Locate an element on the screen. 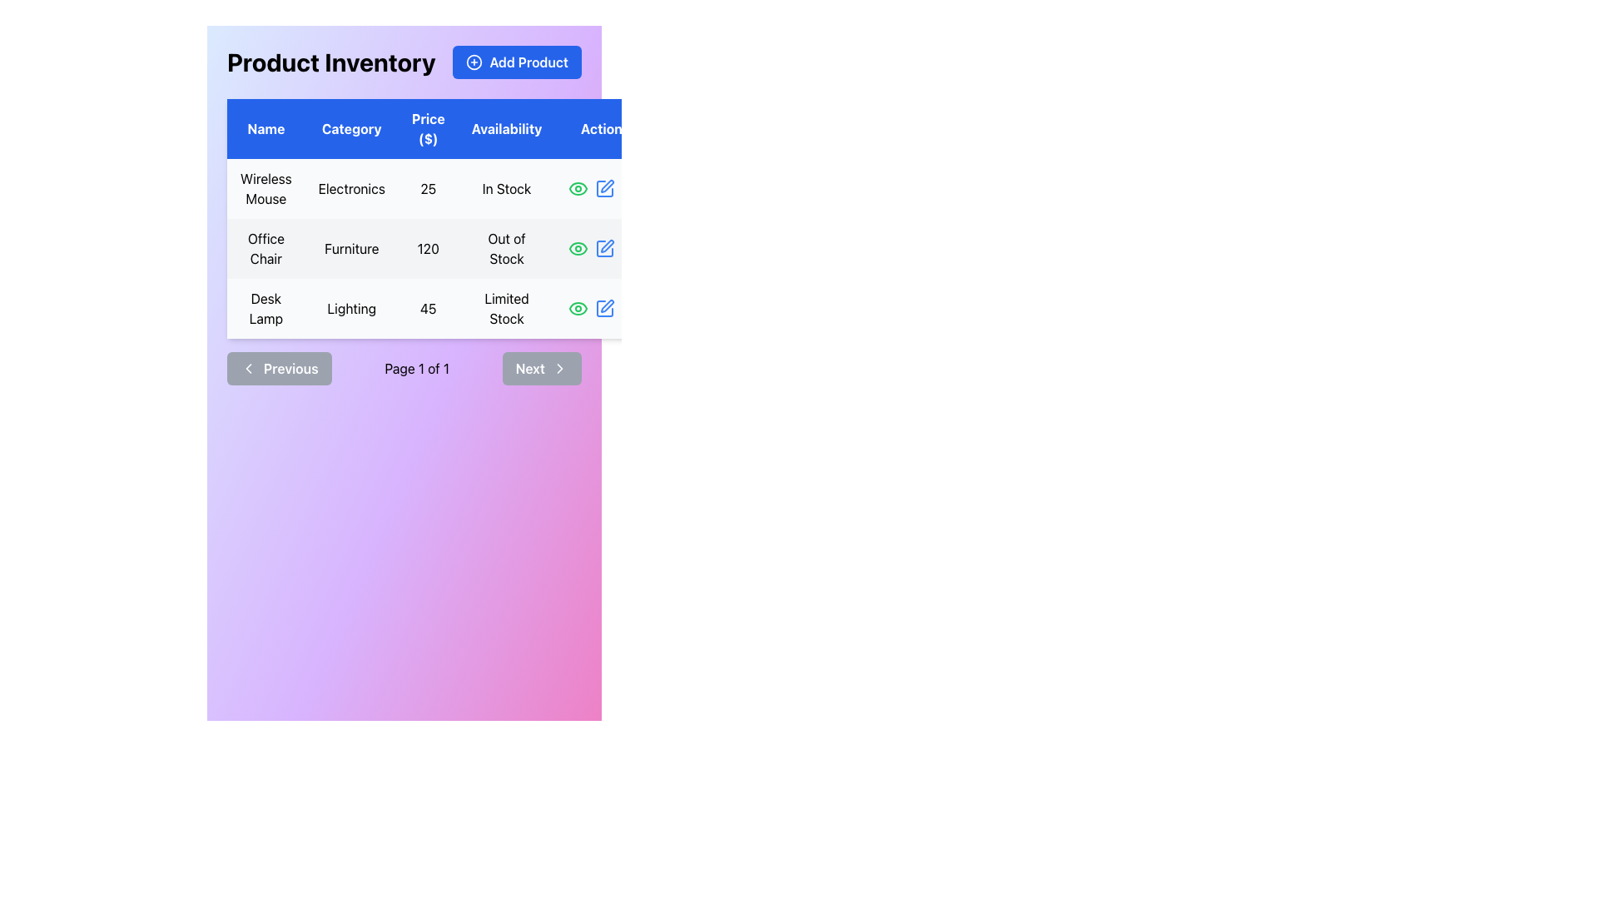 The width and height of the screenshot is (1598, 899). the pencil icon button in the Actions column for the Desk Lamp product is located at coordinates (604, 308).